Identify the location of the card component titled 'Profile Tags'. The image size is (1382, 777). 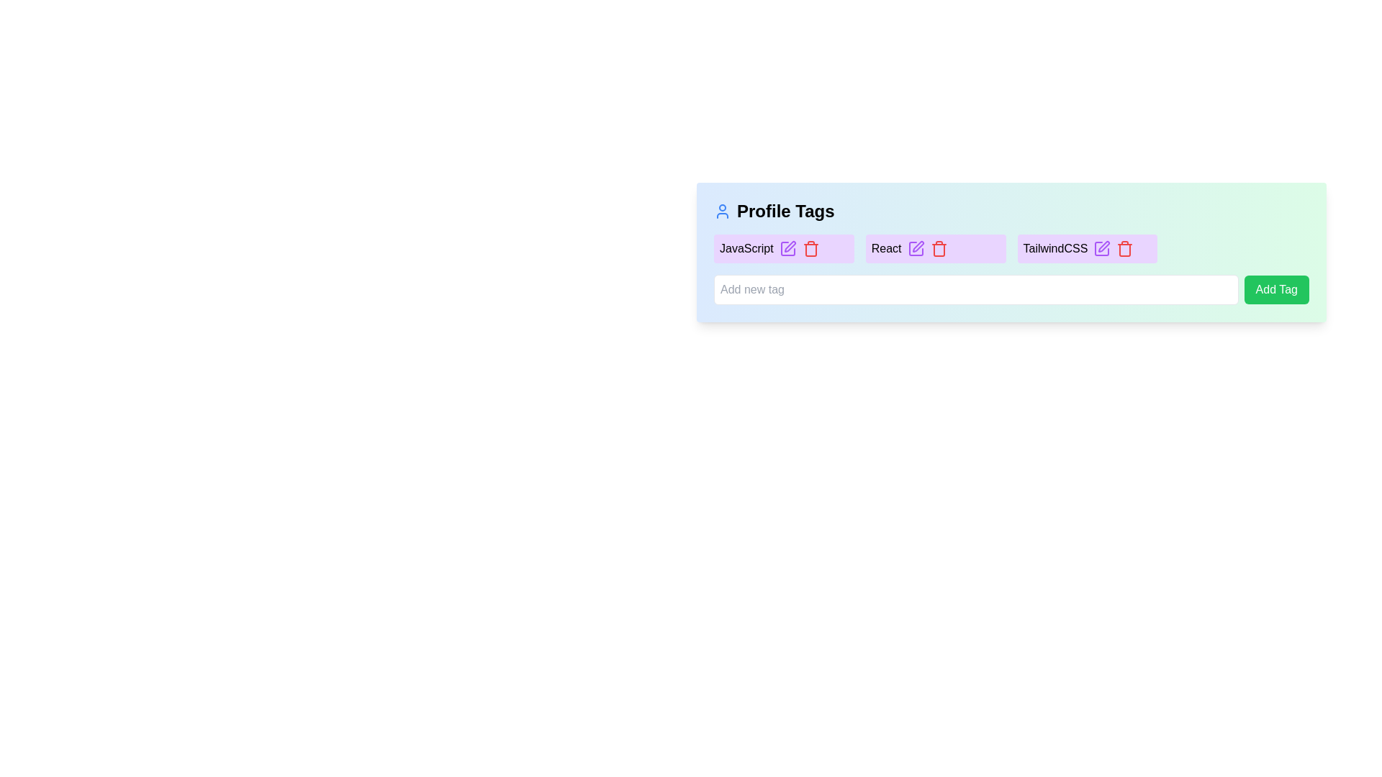
(1011, 252).